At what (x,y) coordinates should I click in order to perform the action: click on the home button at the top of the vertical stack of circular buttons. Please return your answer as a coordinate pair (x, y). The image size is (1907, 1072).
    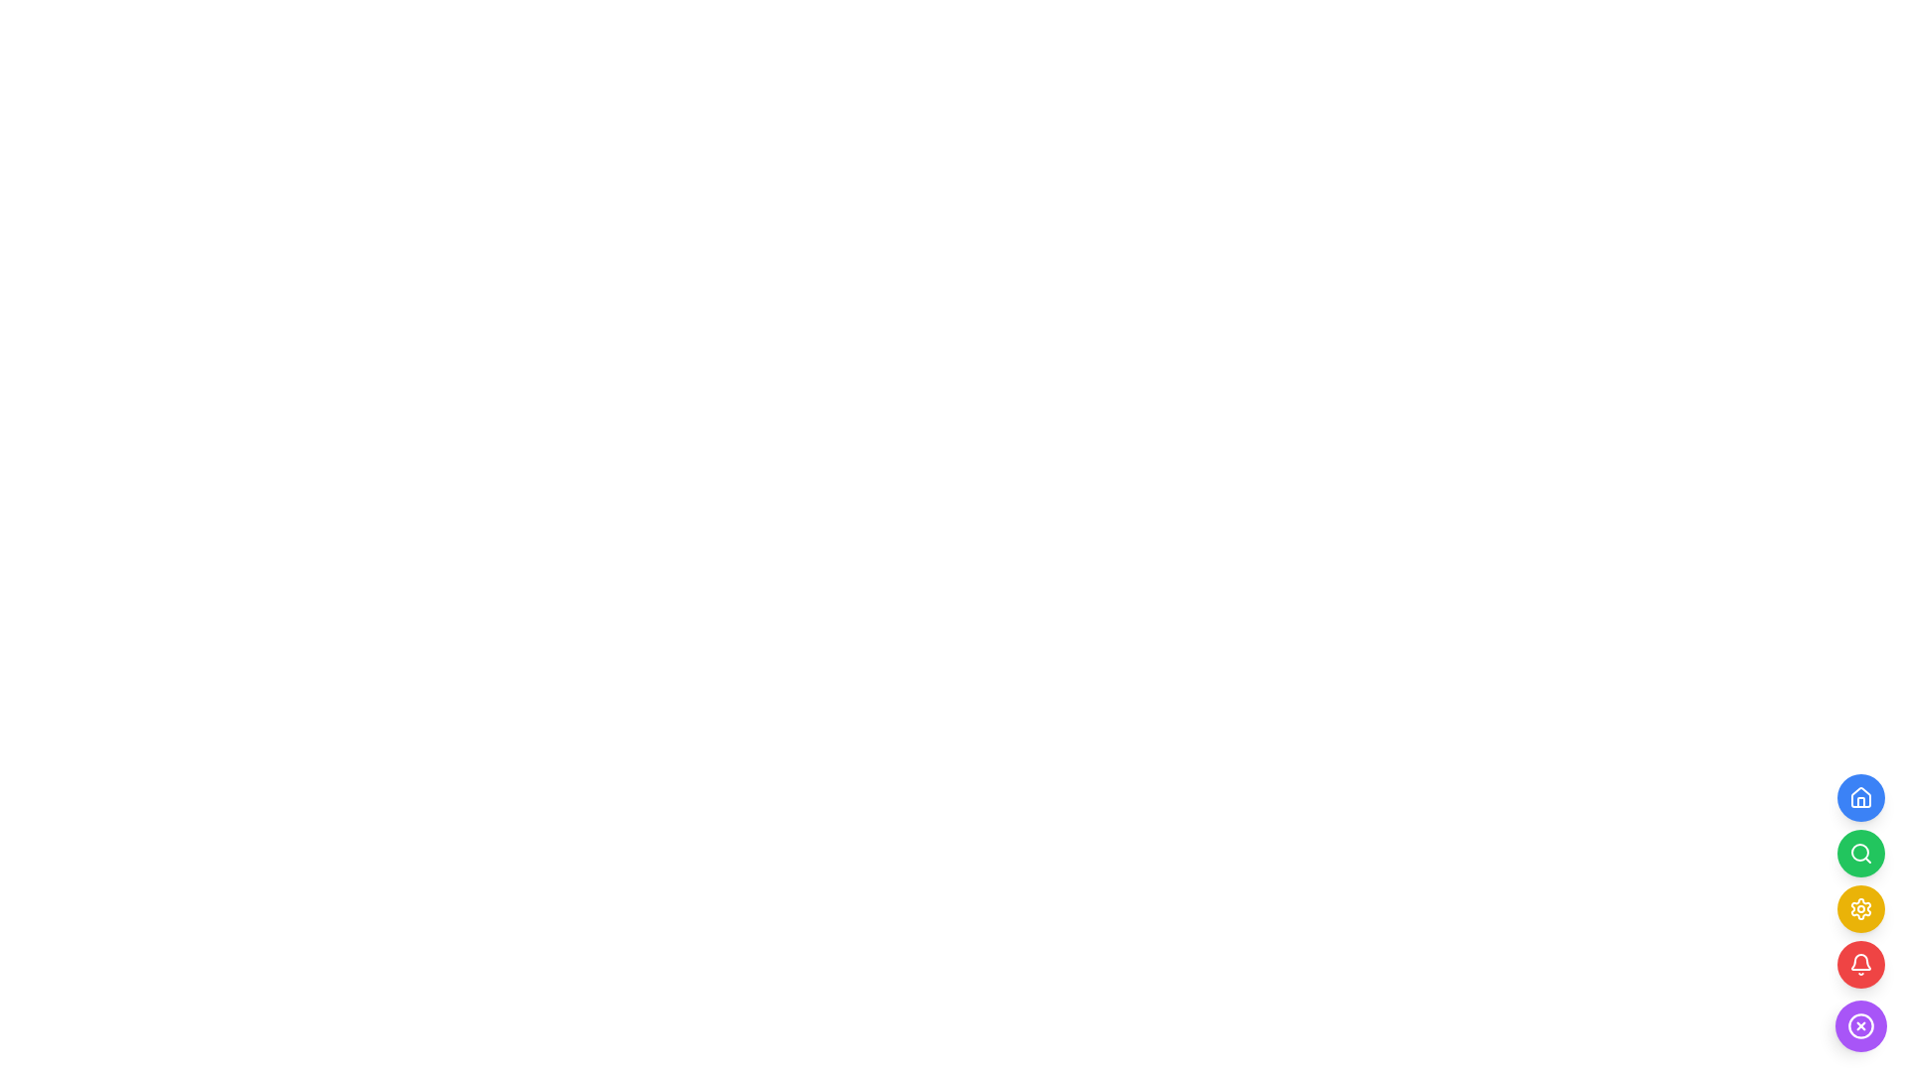
    Looking at the image, I should click on (1859, 796).